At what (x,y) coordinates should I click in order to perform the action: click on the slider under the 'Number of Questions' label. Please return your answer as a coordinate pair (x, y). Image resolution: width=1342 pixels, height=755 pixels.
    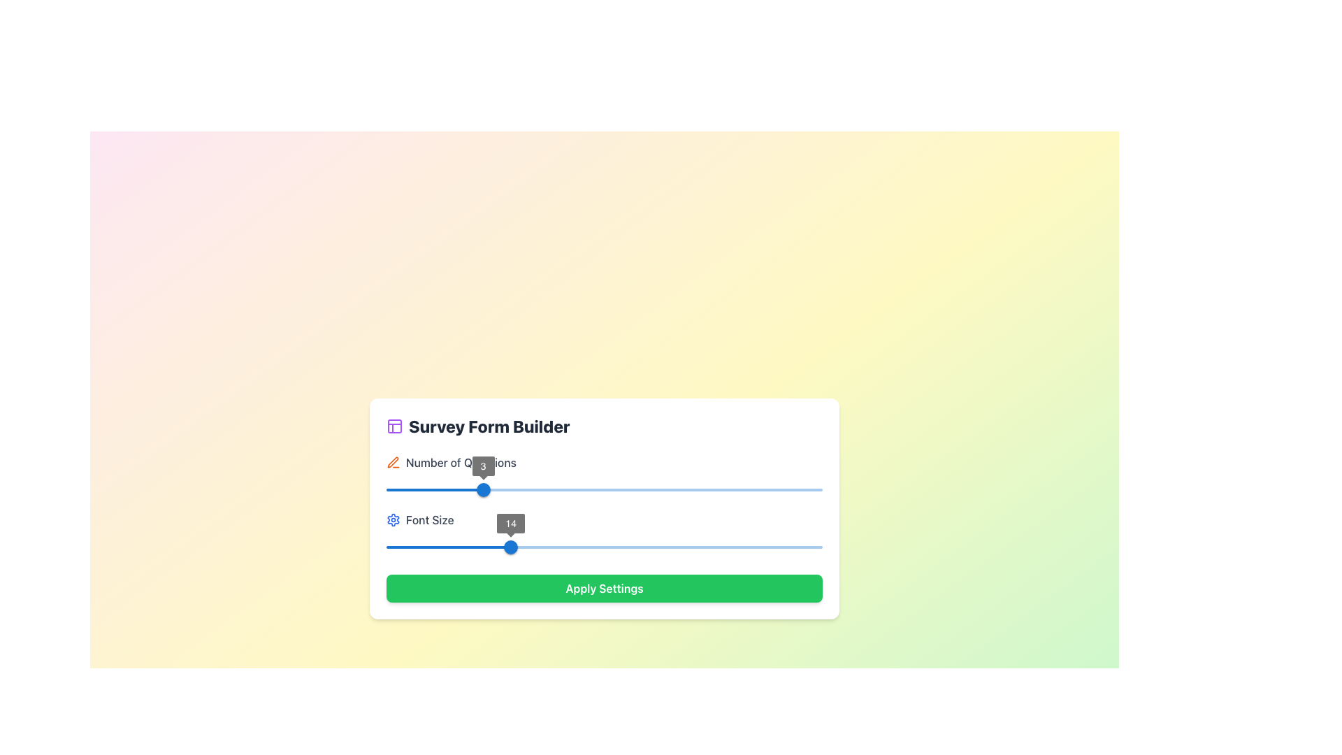
    Looking at the image, I should click on (483, 466).